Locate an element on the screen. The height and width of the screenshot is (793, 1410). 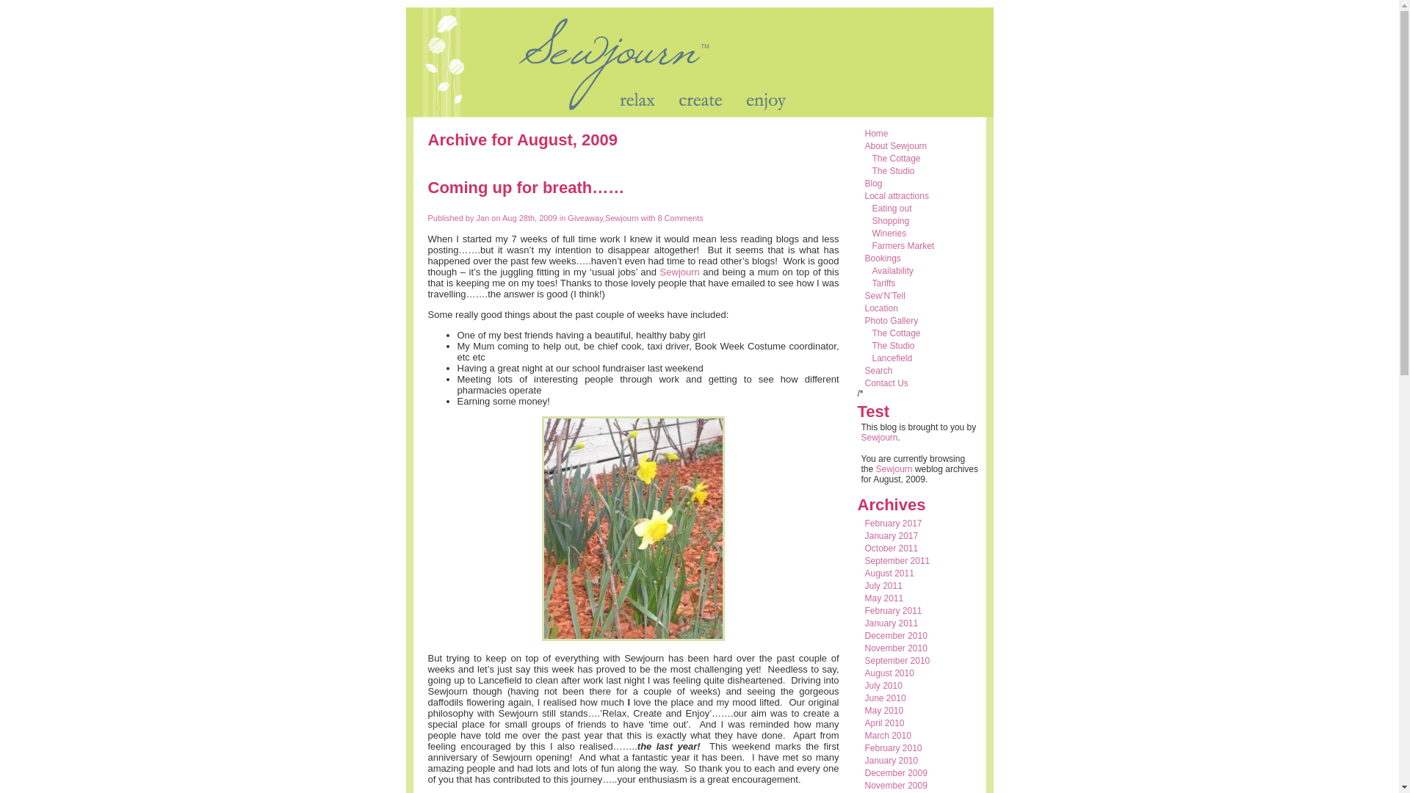
'Sewjourn' is located at coordinates (679, 272).